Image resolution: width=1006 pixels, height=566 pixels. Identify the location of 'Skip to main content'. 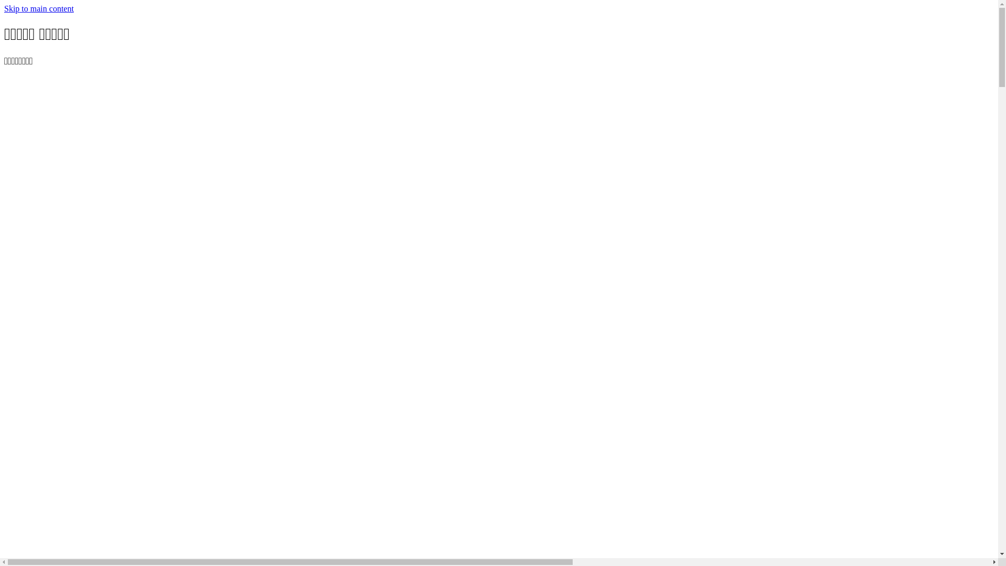
(39, 8).